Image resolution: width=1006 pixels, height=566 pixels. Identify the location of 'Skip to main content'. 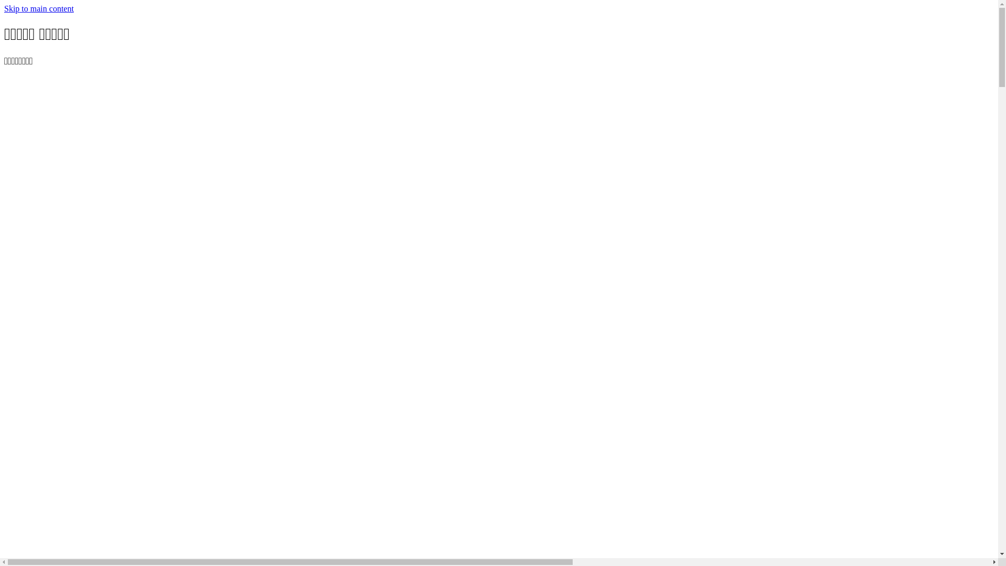
(39, 8).